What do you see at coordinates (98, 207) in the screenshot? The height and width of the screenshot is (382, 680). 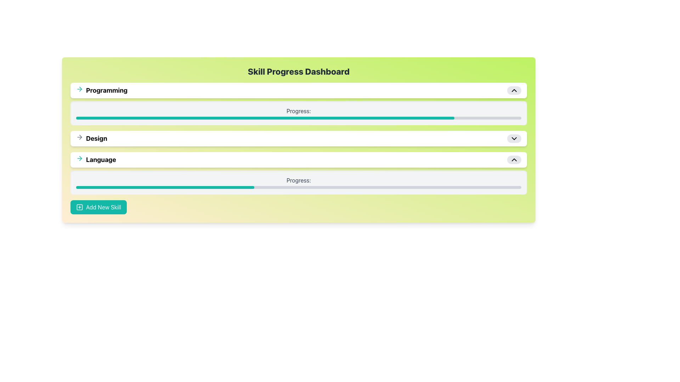 I see `the teal button labeled 'Add New Skill' with a white plus icon` at bounding box center [98, 207].